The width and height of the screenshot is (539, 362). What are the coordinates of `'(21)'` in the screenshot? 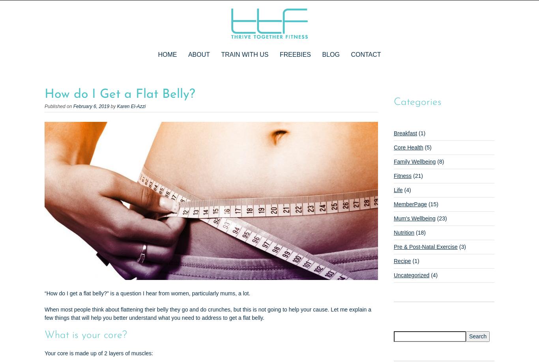 It's located at (417, 175).